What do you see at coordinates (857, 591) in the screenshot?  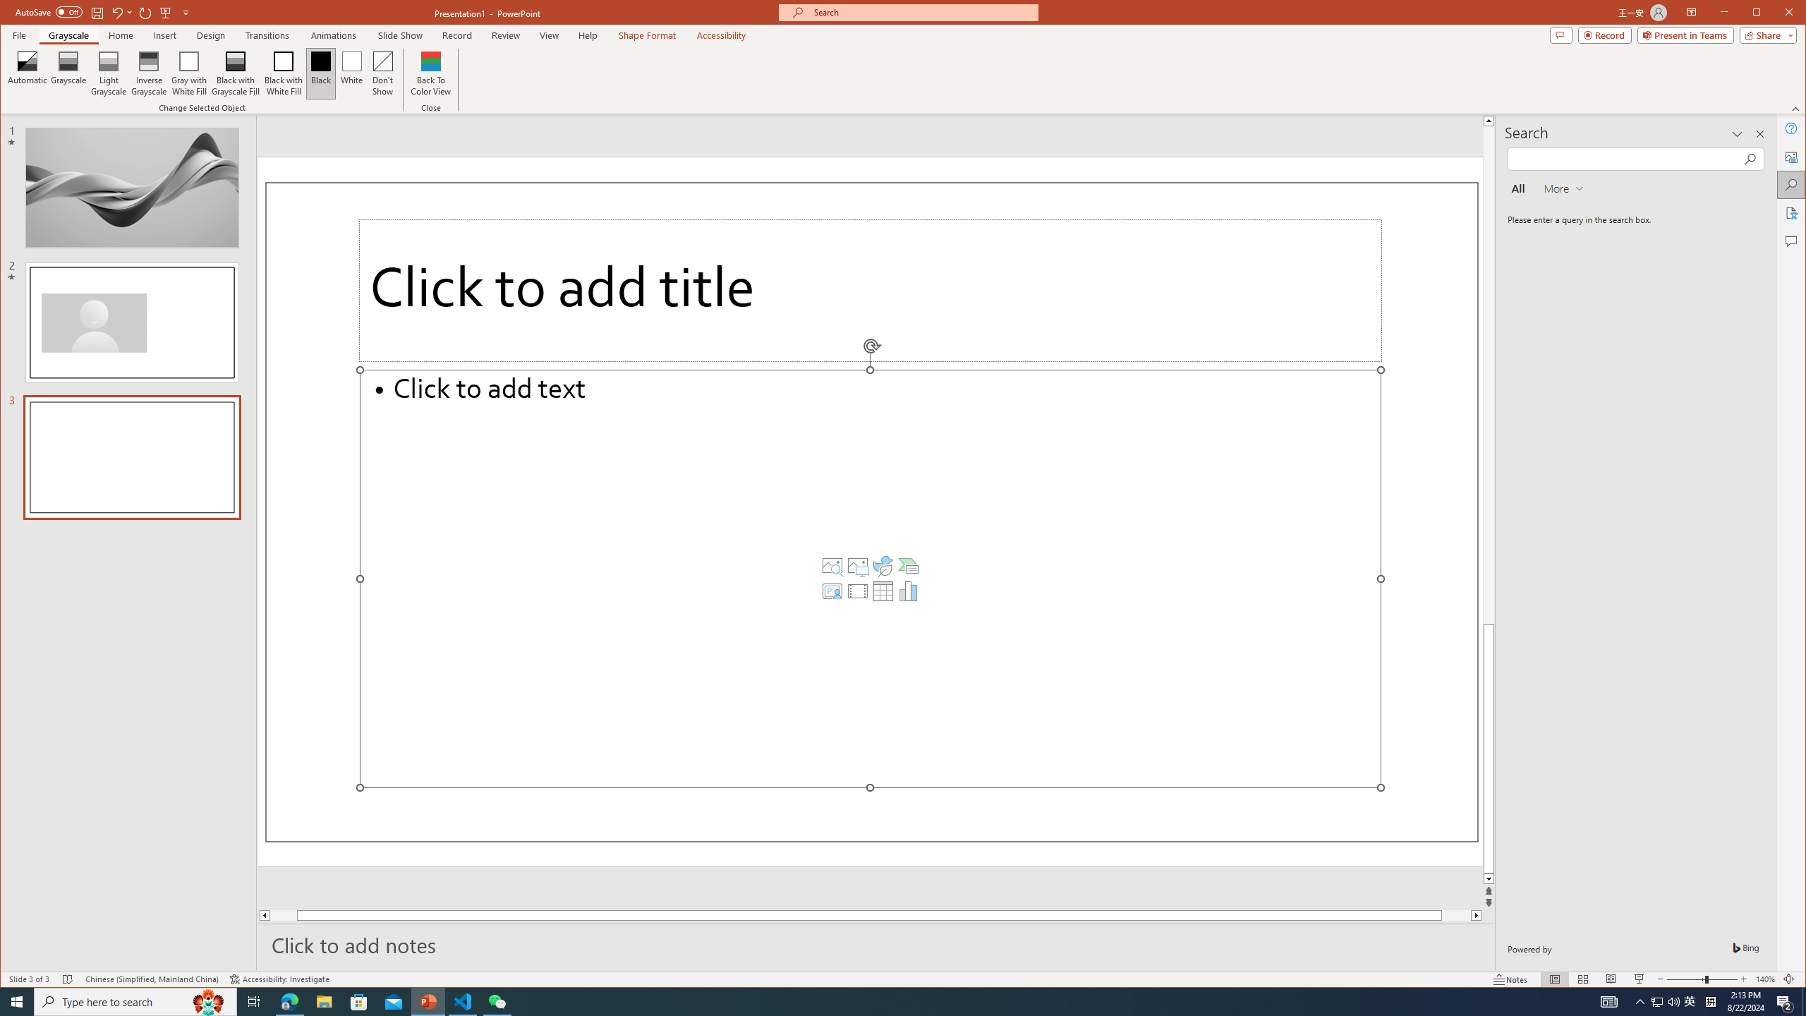 I see `'Insert Video'` at bounding box center [857, 591].